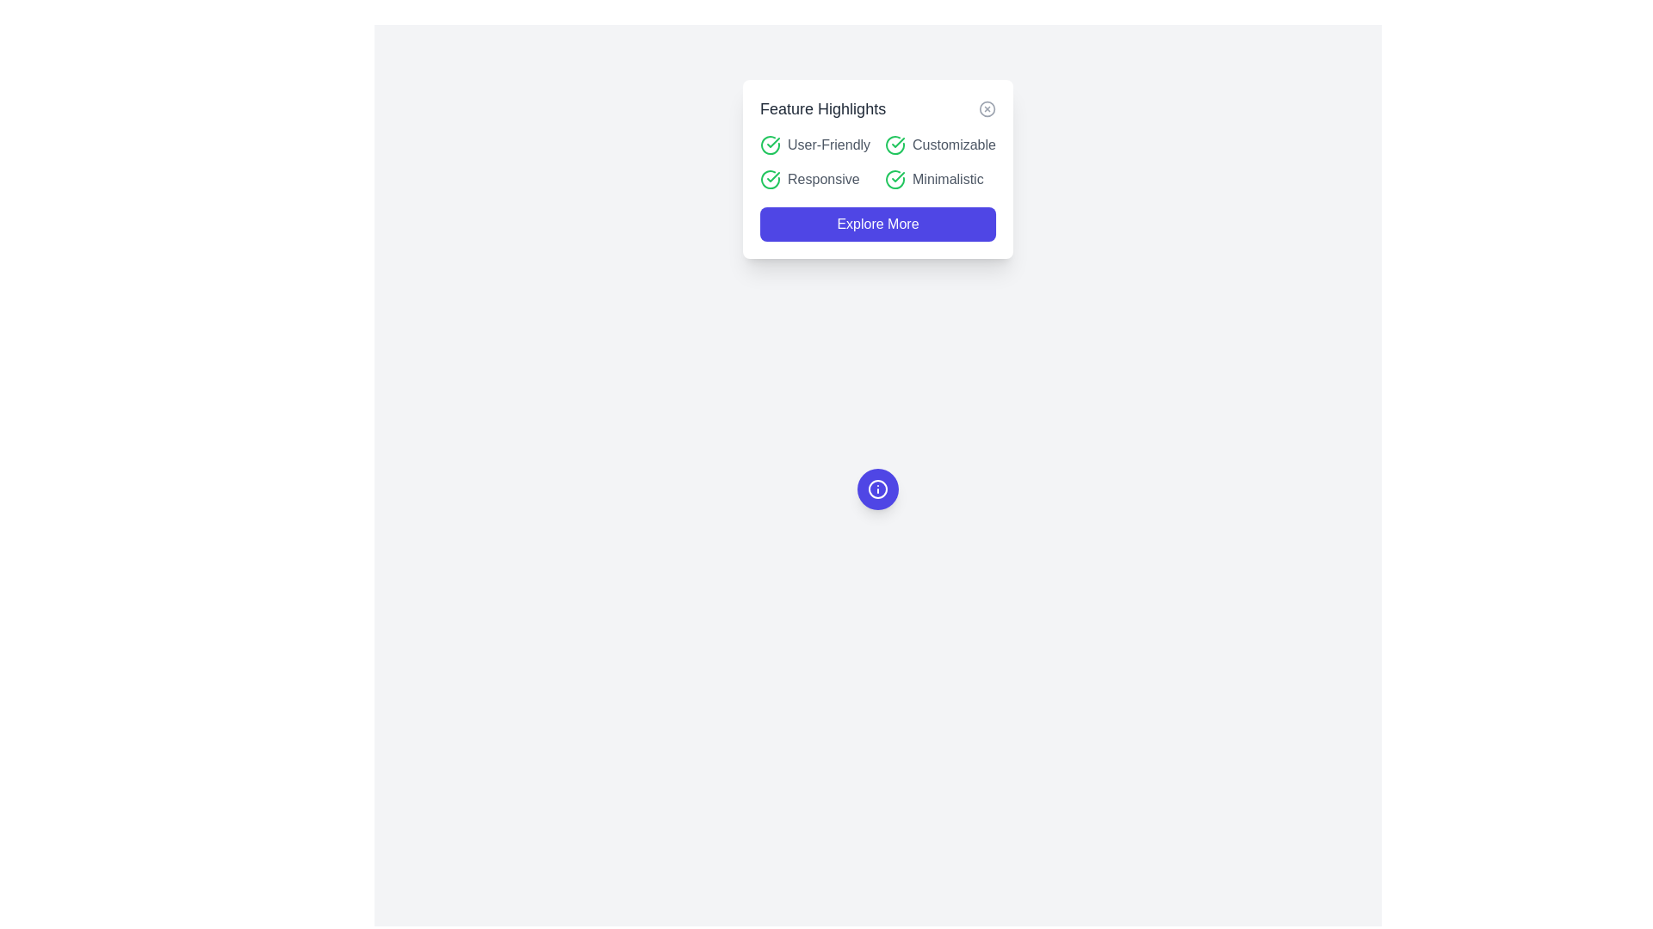  I want to click on the 'Customizable' label with icon, which indicates that the associated feature is active and is the second item in the list under 'Feature Highlights', so click(939, 145).